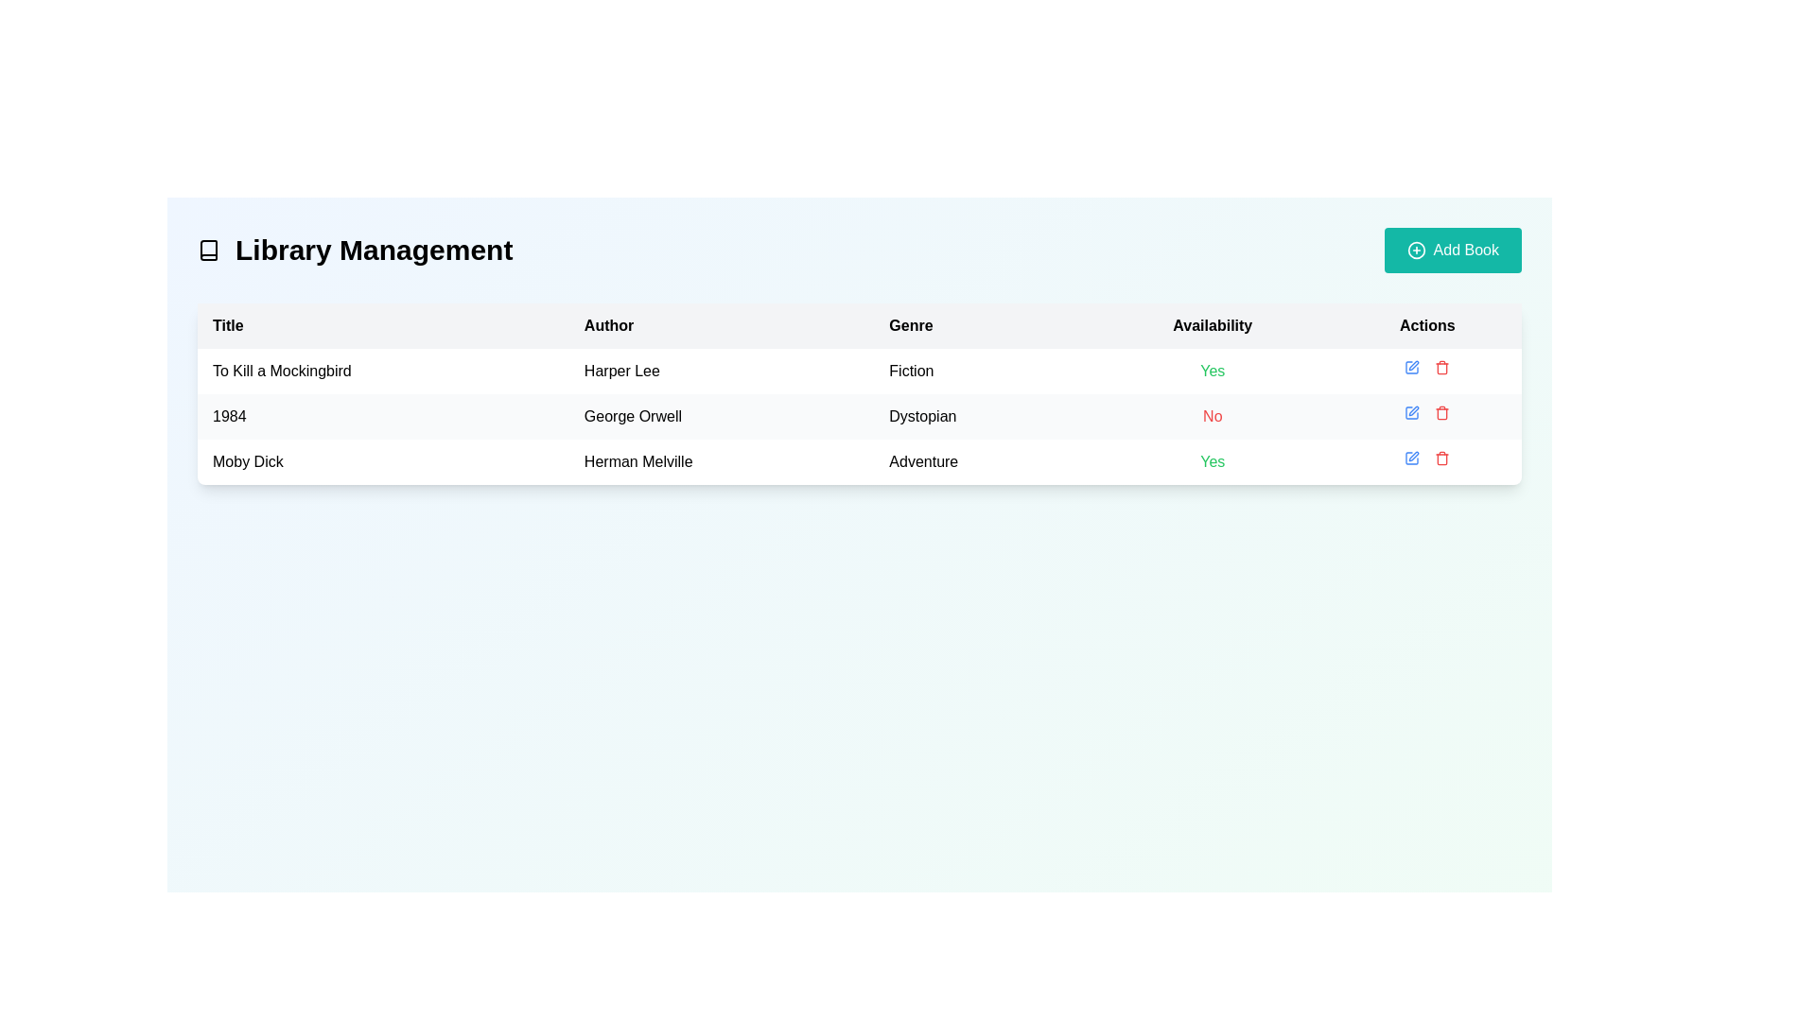 This screenshot has height=1021, width=1816. I want to click on the blue icon button with a pen symbol in the actions column of the second row of the table, so click(1411, 368).